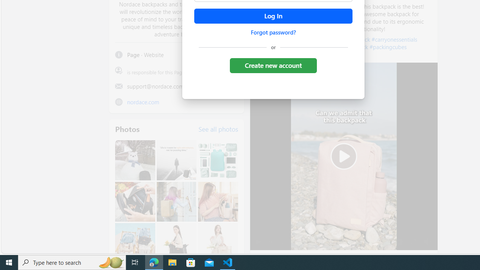 The image size is (480, 270). What do you see at coordinates (273, 65) in the screenshot?
I see `'Create new account'` at bounding box center [273, 65].